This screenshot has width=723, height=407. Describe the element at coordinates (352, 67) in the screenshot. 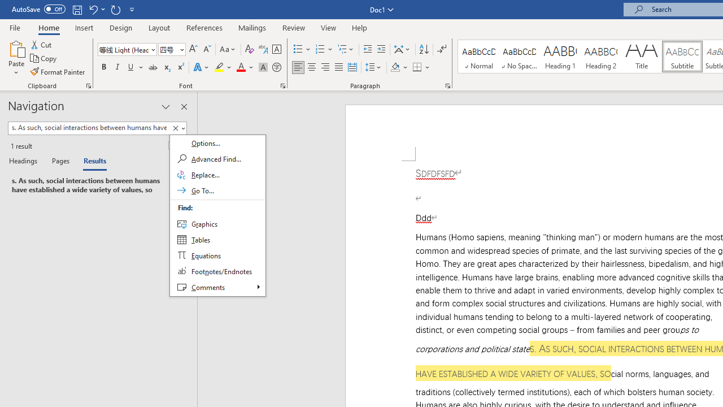

I see `'Distributed'` at that location.